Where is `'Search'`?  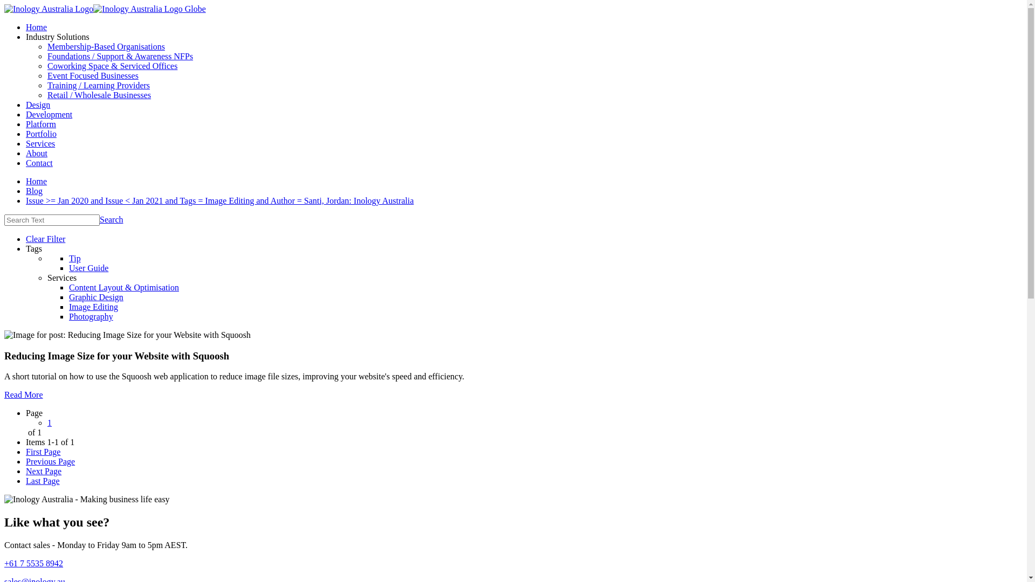
'Search' is located at coordinates (111, 219).